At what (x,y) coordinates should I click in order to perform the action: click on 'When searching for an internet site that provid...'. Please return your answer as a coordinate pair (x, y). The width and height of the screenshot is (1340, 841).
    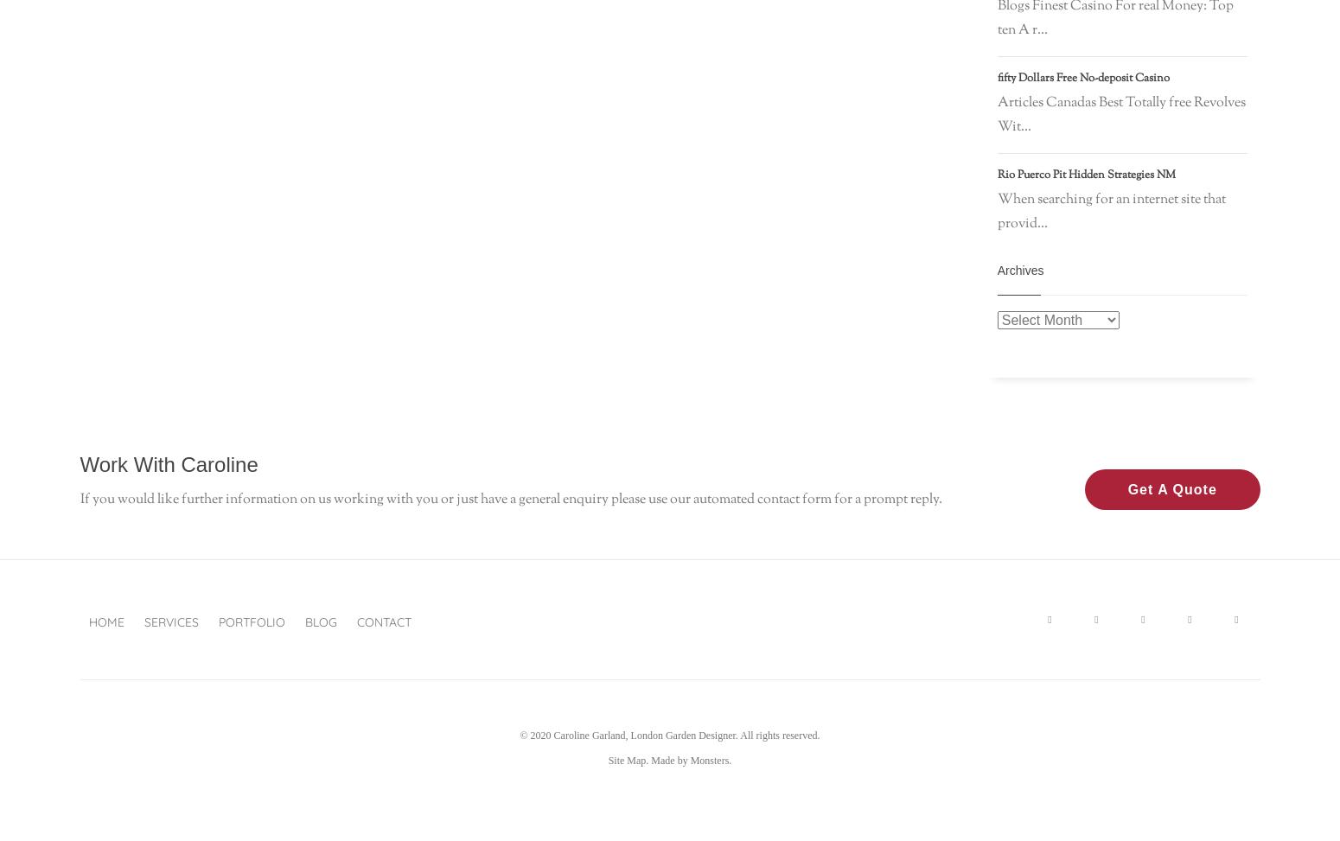
    Looking at the image, I should click on (1109, 211).